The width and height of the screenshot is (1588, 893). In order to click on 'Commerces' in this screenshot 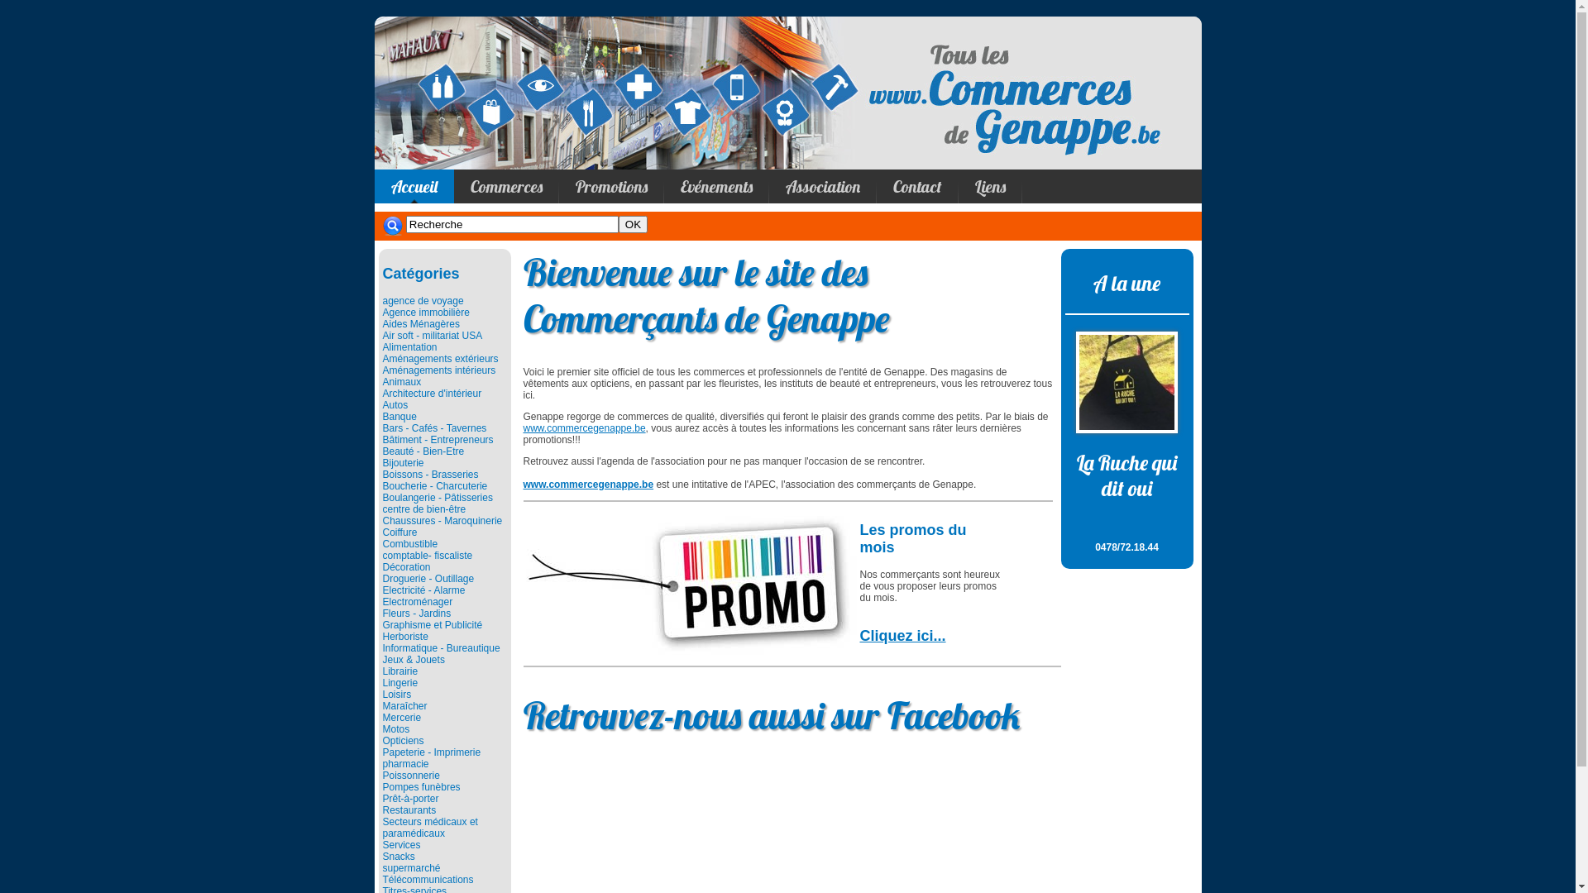, I will do `click(505, 186)`.